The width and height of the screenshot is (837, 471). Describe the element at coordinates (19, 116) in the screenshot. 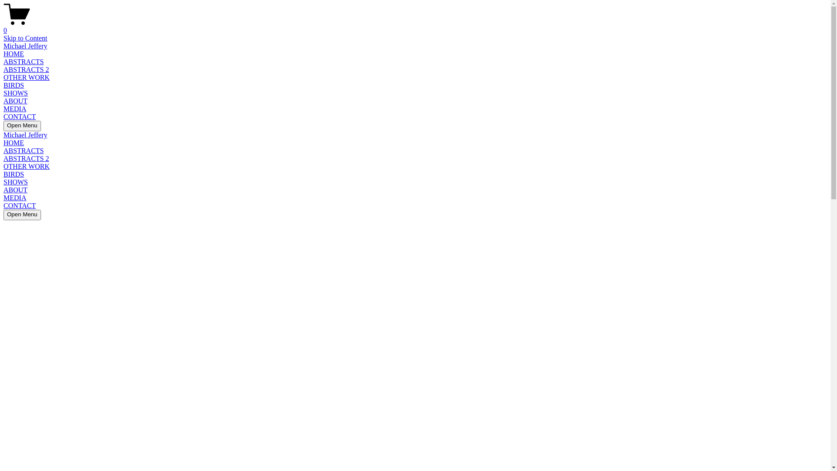

I see `'CONTACT'` at that location.